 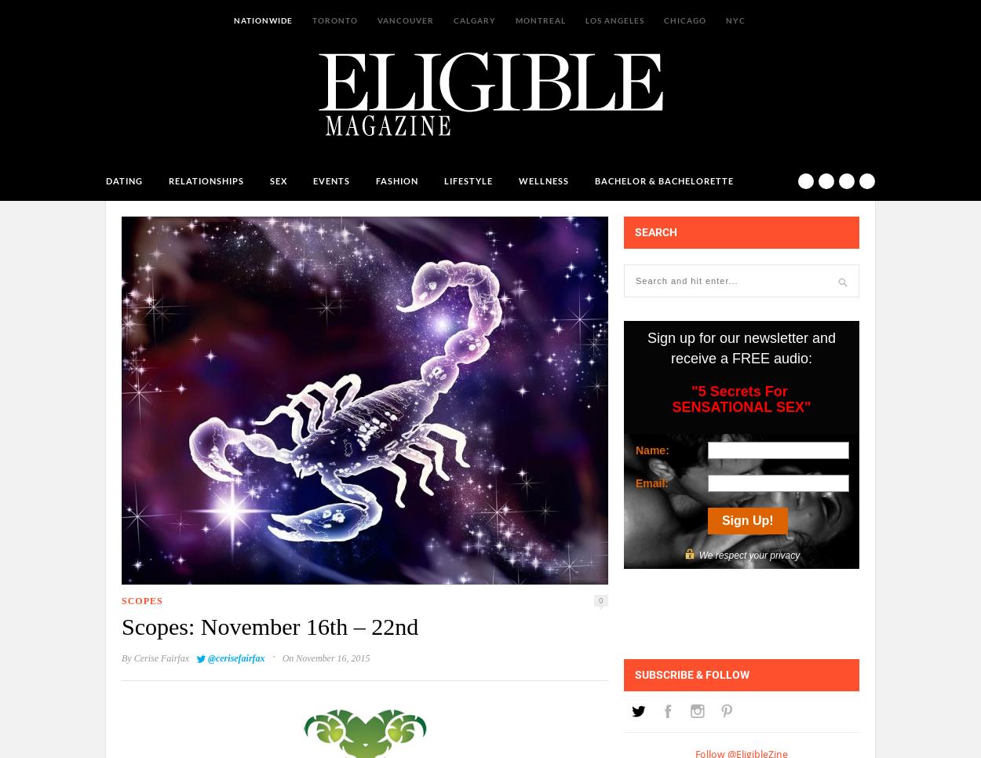 I want to click on 'Cerise Fairfax', so click(x=160, y=657).